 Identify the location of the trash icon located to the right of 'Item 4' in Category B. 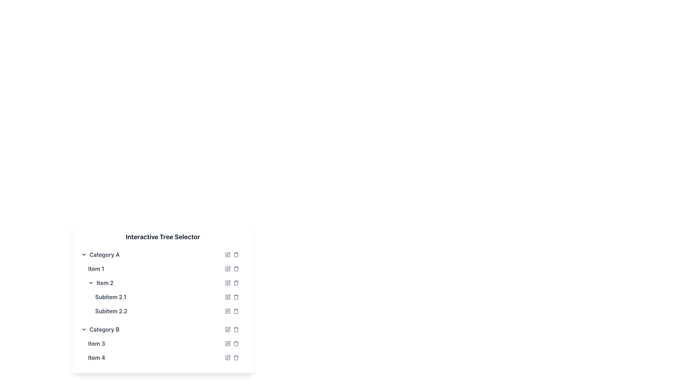
(232, 358).